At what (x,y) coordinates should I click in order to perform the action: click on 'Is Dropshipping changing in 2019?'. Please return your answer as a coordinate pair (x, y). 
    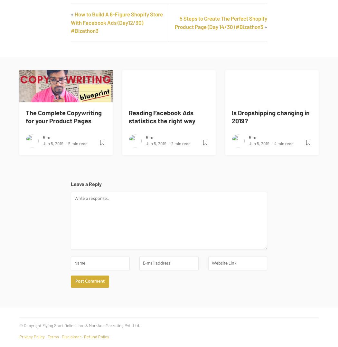
    Looking at the image, I should click on (270, 116).